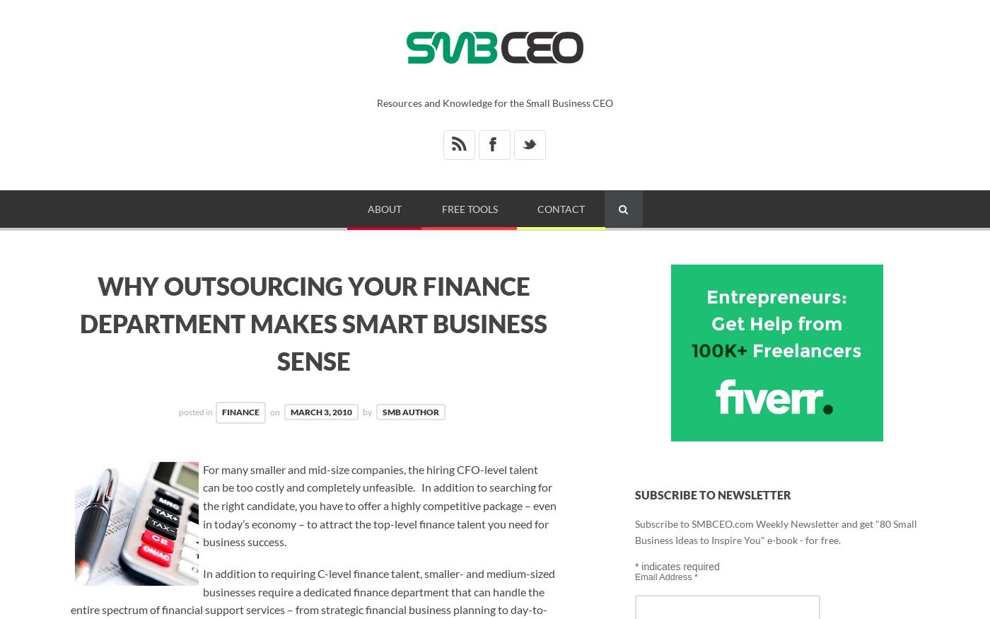 The height and width of the screenshot is (619, 990). I want to click on 'posted in', so click(196, 411).